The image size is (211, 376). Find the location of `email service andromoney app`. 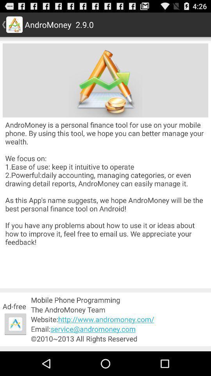

email service andromoney app is located at coordinates (120, 329).